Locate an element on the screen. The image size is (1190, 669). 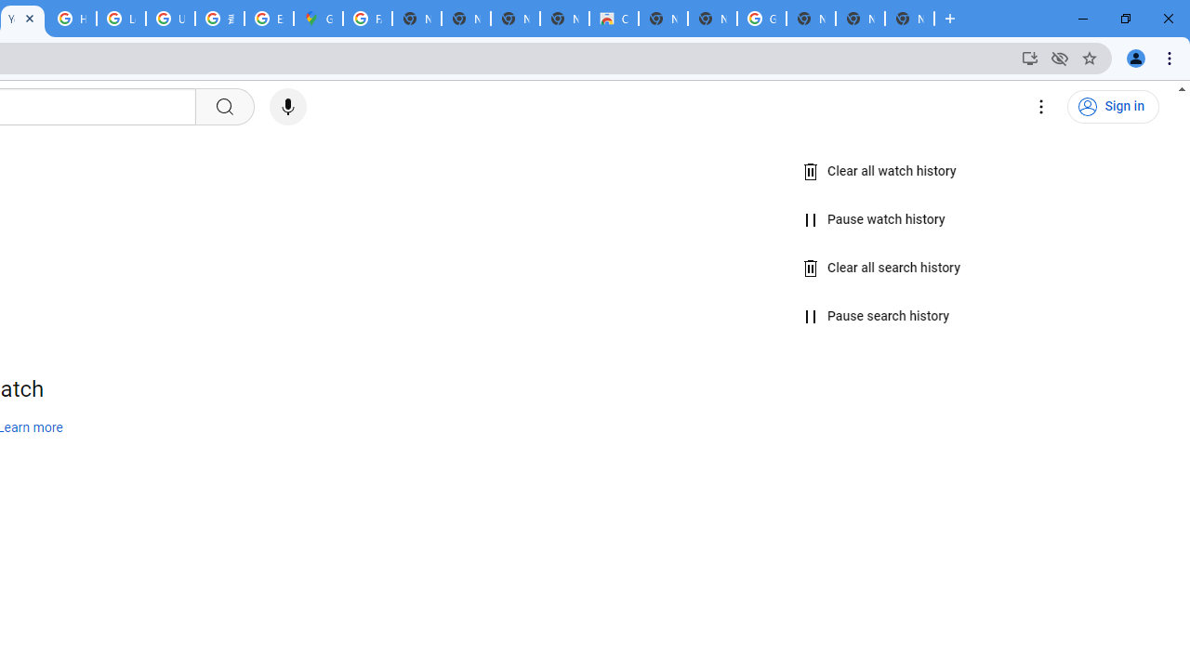
'Google Maps' is located at coordinates (318, 19).